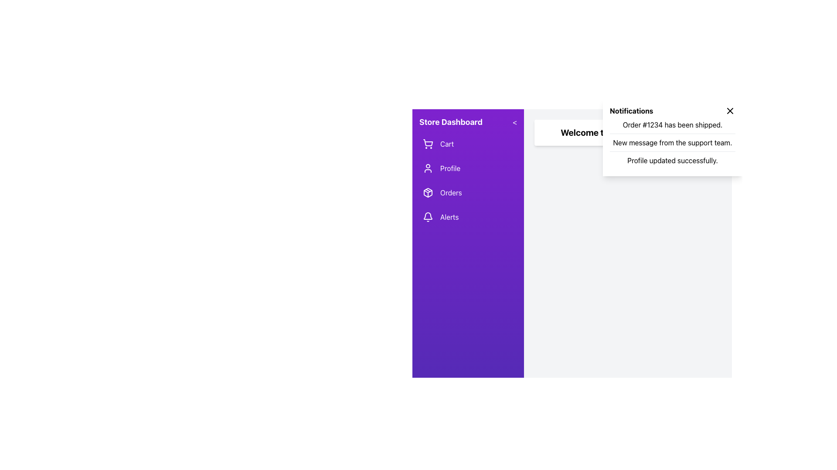  Describe the element at coordinates (672, 142) in the screenshot. I see `notification text element that informs the user about a new message from the support team, which is the second item in the vertically stacked list under the 'Notifications' section` at that location.